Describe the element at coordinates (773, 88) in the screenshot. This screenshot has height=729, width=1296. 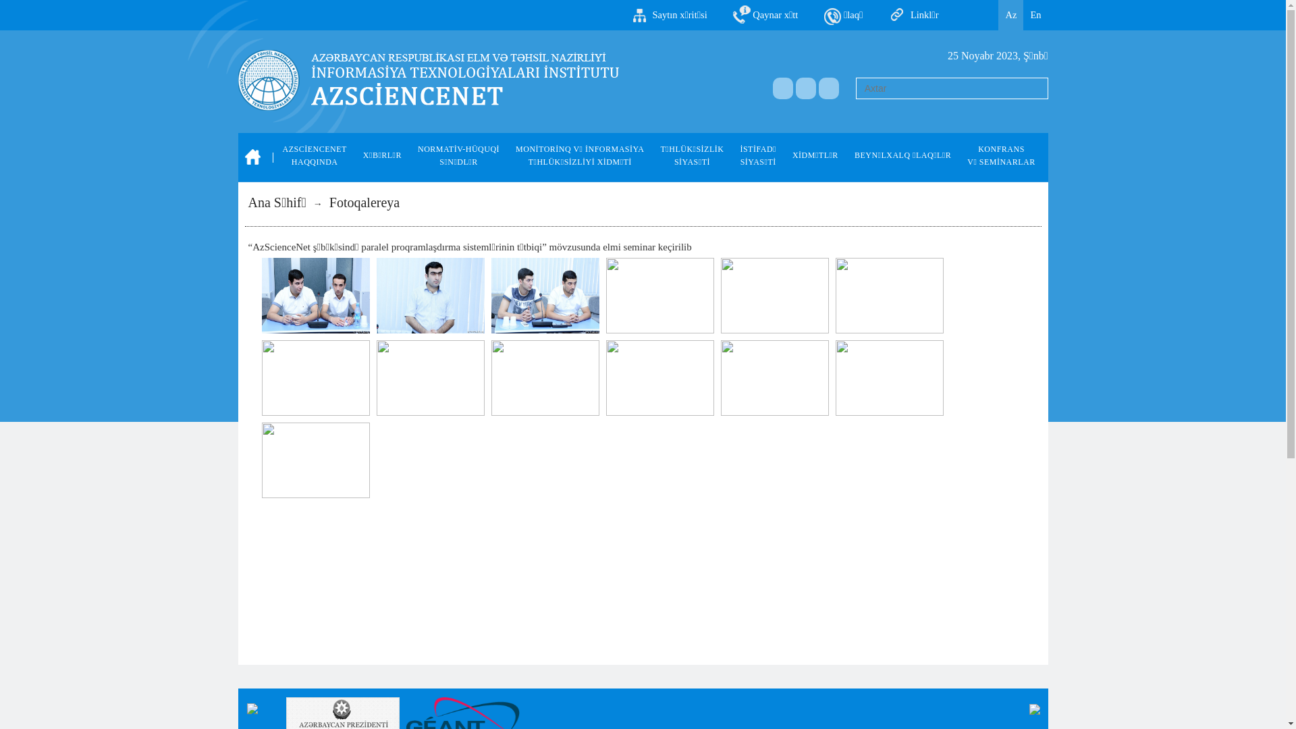
I see `'a'` at that location.